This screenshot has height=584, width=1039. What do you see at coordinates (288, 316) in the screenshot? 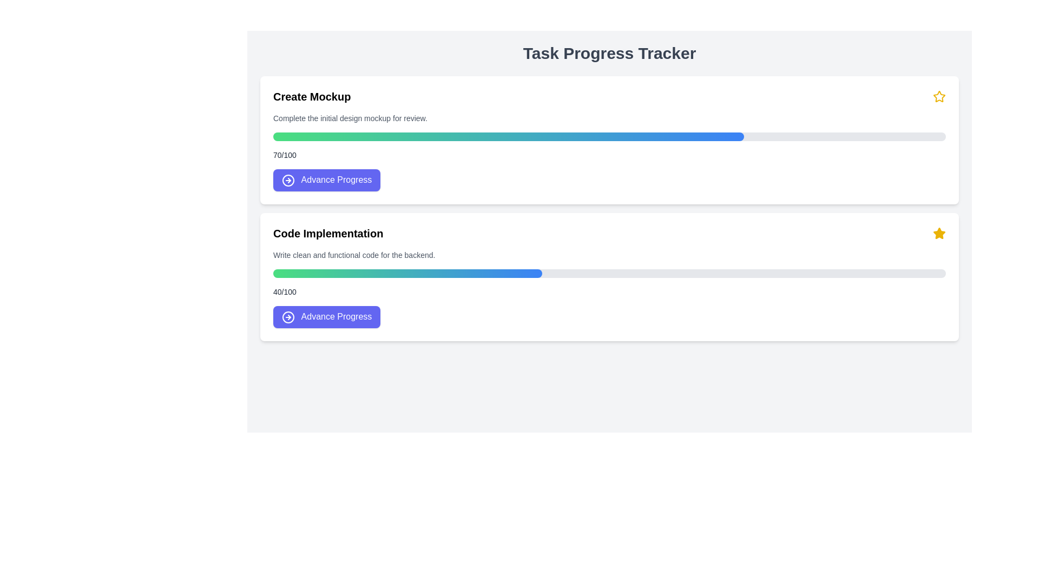
I see `the circular icon with a blue outline and a right-pointing arrow, located within the 'Advance Progress' button of the 'Code Implementation' task card` at bounding box center [288, 316].